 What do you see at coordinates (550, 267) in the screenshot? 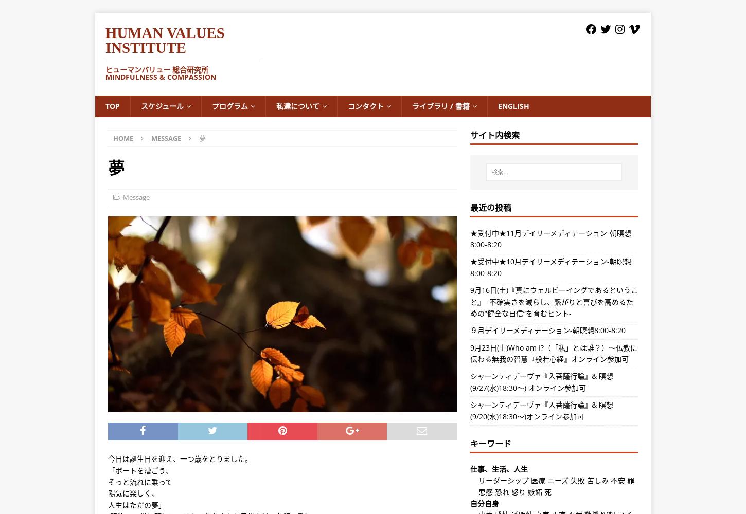
I see `'★受付中★10月デイリーメディテーション-朝瞑想8:00-8:20'` at bounding box center [550, 267].